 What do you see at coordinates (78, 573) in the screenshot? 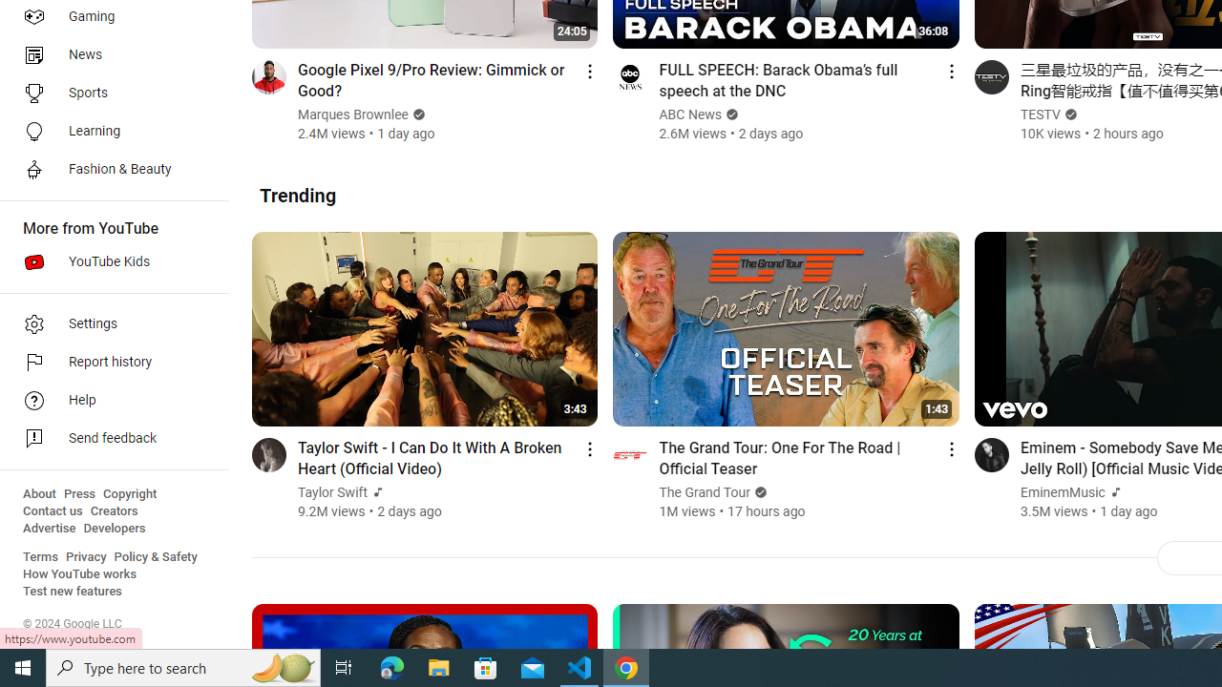
I see `'How YouTube works'` at bounding box center [78, 573].